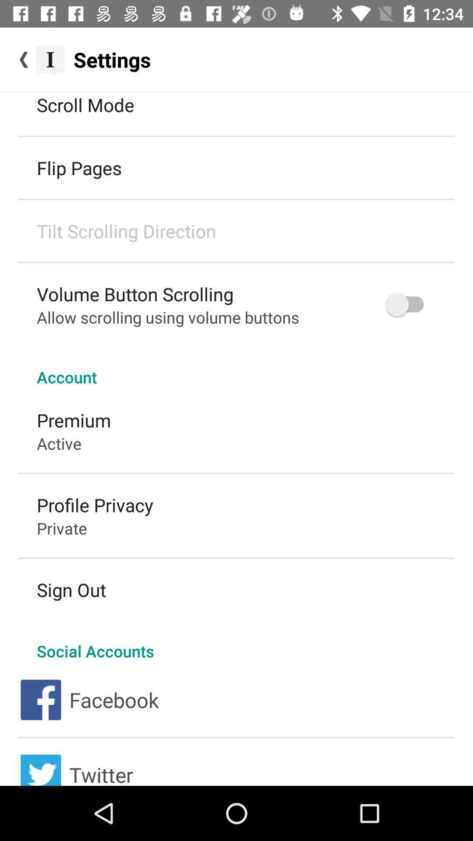  I want to click on the icon above profile privacy item, so click(59, 443).